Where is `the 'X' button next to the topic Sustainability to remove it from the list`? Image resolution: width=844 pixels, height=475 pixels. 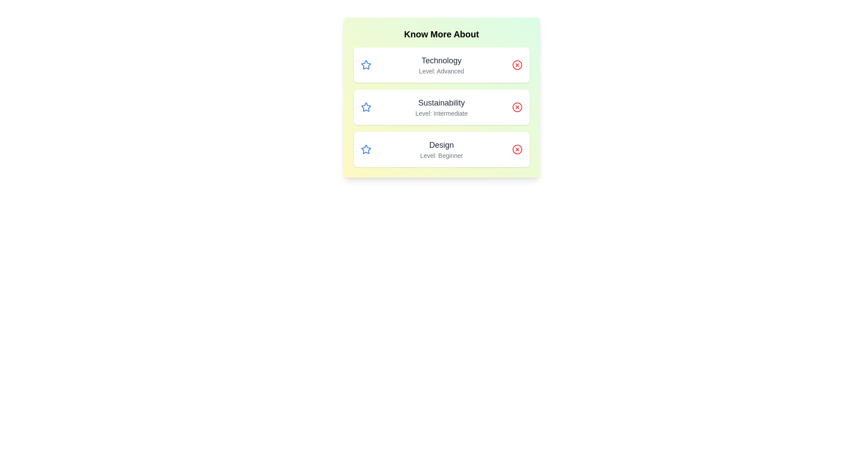 the 'X' button next to the topic Sustainability to remove it from the list is located at coordinates (517, 106).